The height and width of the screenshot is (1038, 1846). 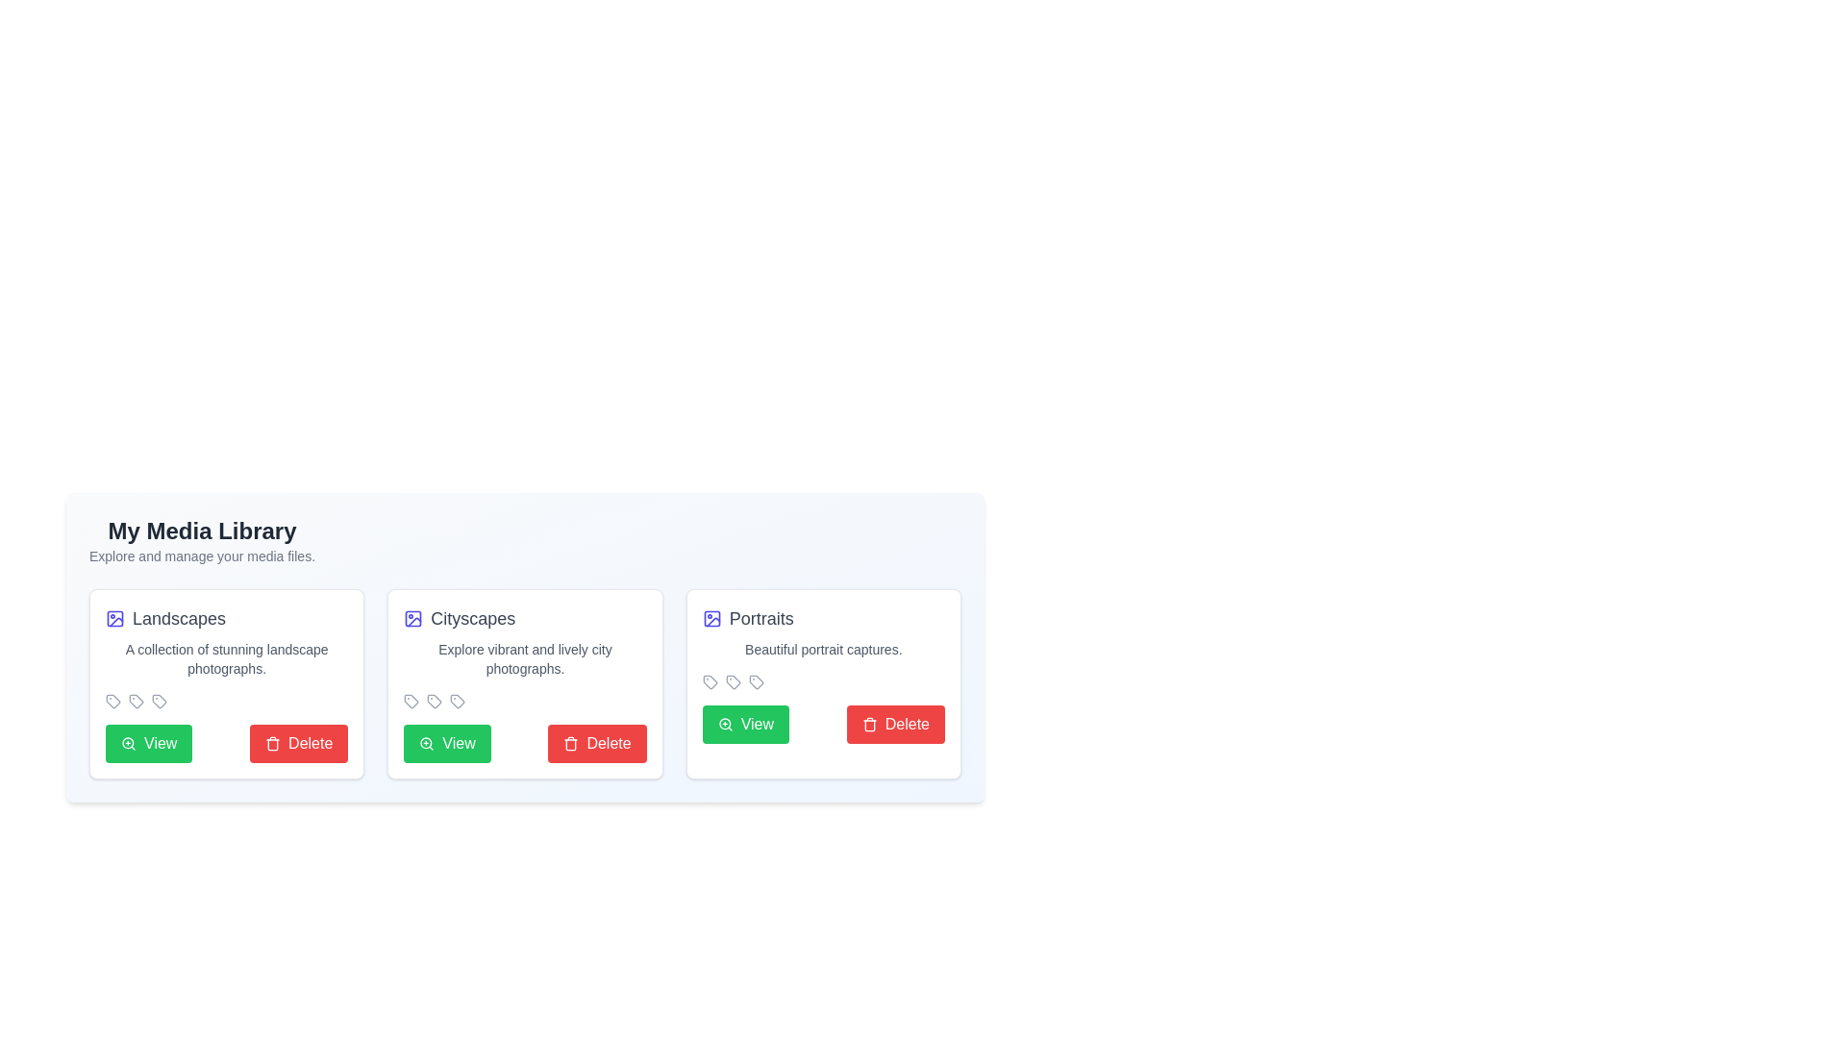 What do you see at coordinates (906, 724) in the screenshot?
I see `the 'Delete' action button located at the bottom-right of the 'Portraits' card` at bounding box center [906, 724].